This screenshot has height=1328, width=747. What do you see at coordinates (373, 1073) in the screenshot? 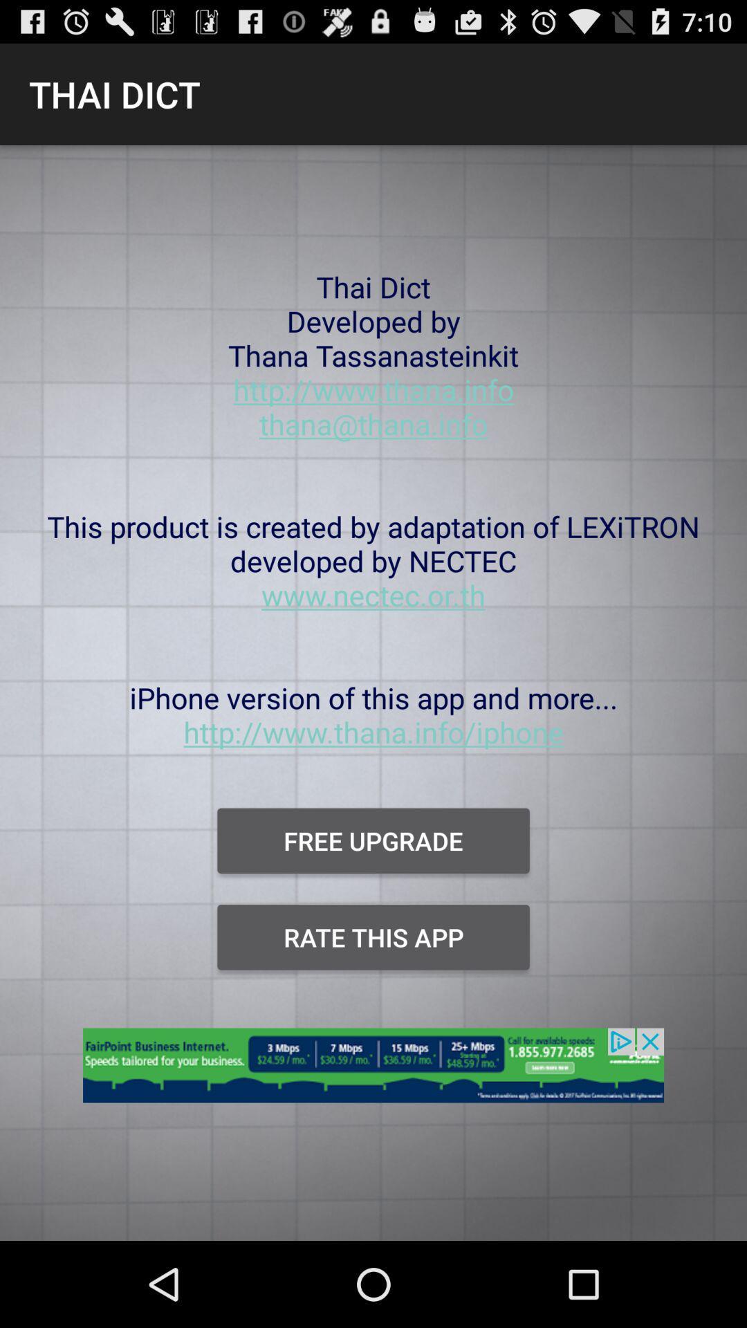
I see `open advertisement` at bounding box center [373, 1073].